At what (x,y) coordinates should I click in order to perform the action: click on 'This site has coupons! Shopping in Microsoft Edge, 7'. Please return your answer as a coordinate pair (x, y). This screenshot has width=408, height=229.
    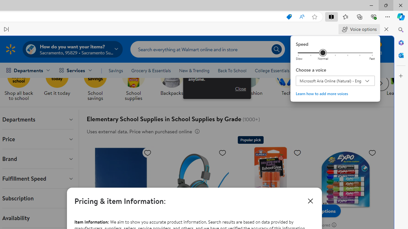
    Looking at the image, I should click on (288, 17).